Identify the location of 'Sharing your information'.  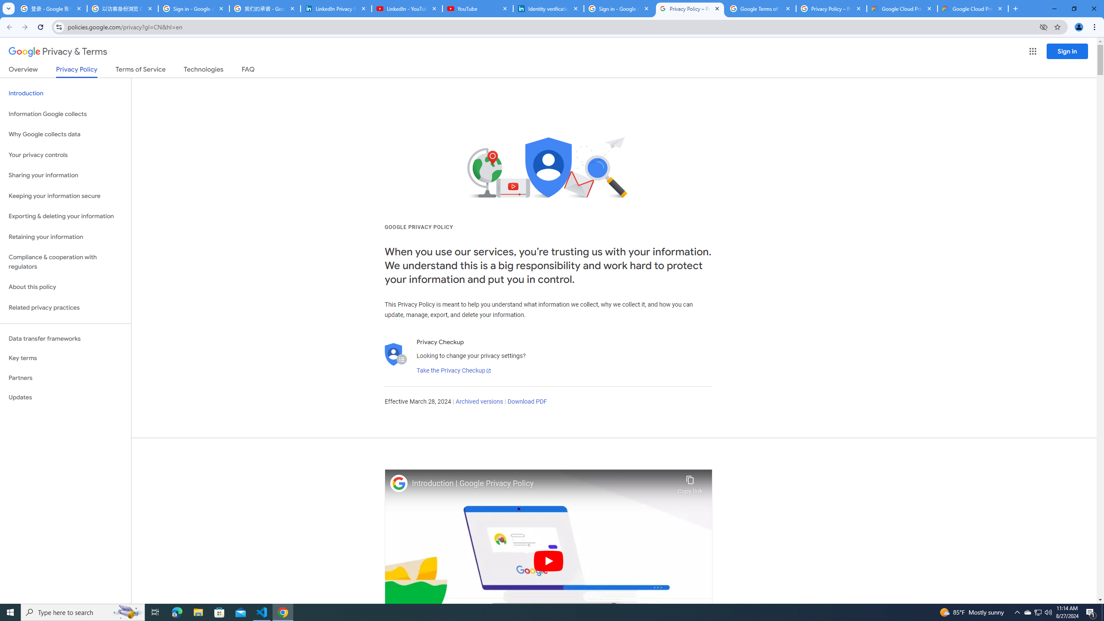
(65, 175).